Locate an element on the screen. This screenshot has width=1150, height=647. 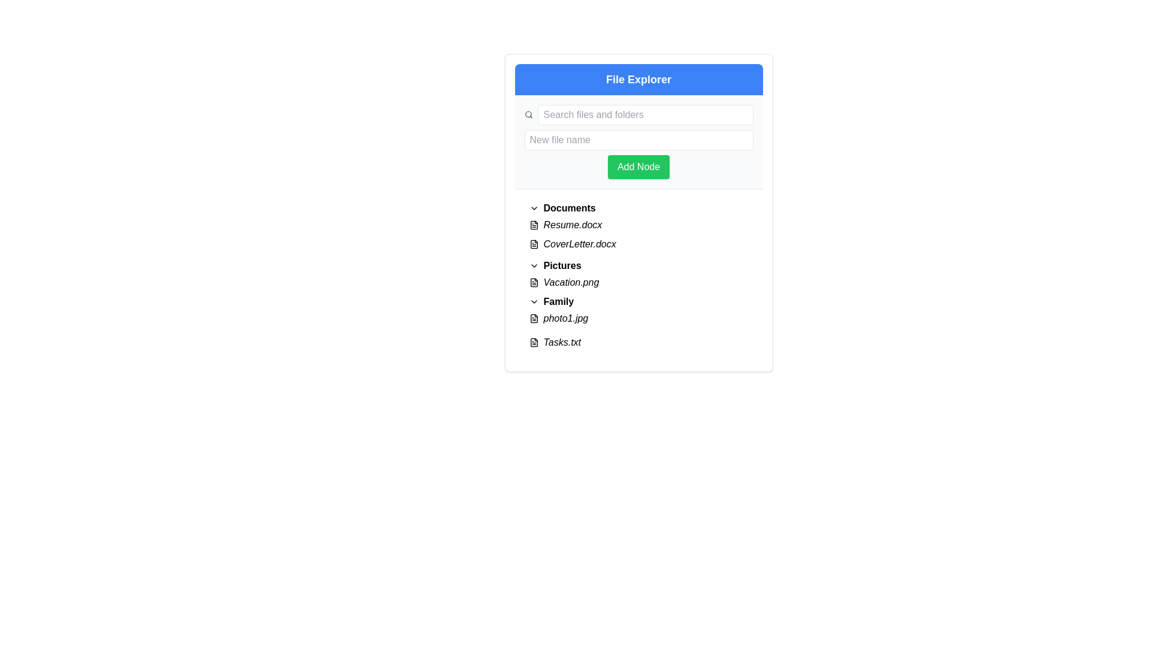
the text label element displaying 'photo1.jpg' in italic font style within the 'Family' folder to rename the file is located at coordinates (565, 318).